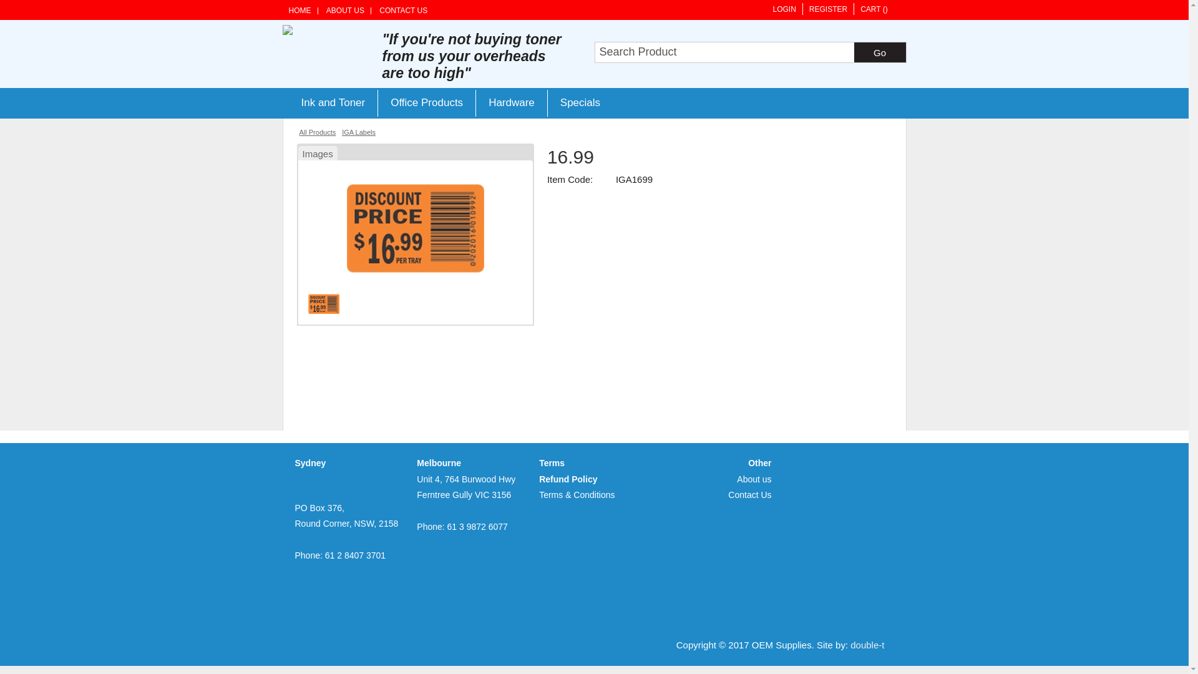 The width and height of the screenshot is (1198, 674). Describe the element at coordinates (576, 494) in the screenshot. I see `'Terms & Conditions'` at that location.